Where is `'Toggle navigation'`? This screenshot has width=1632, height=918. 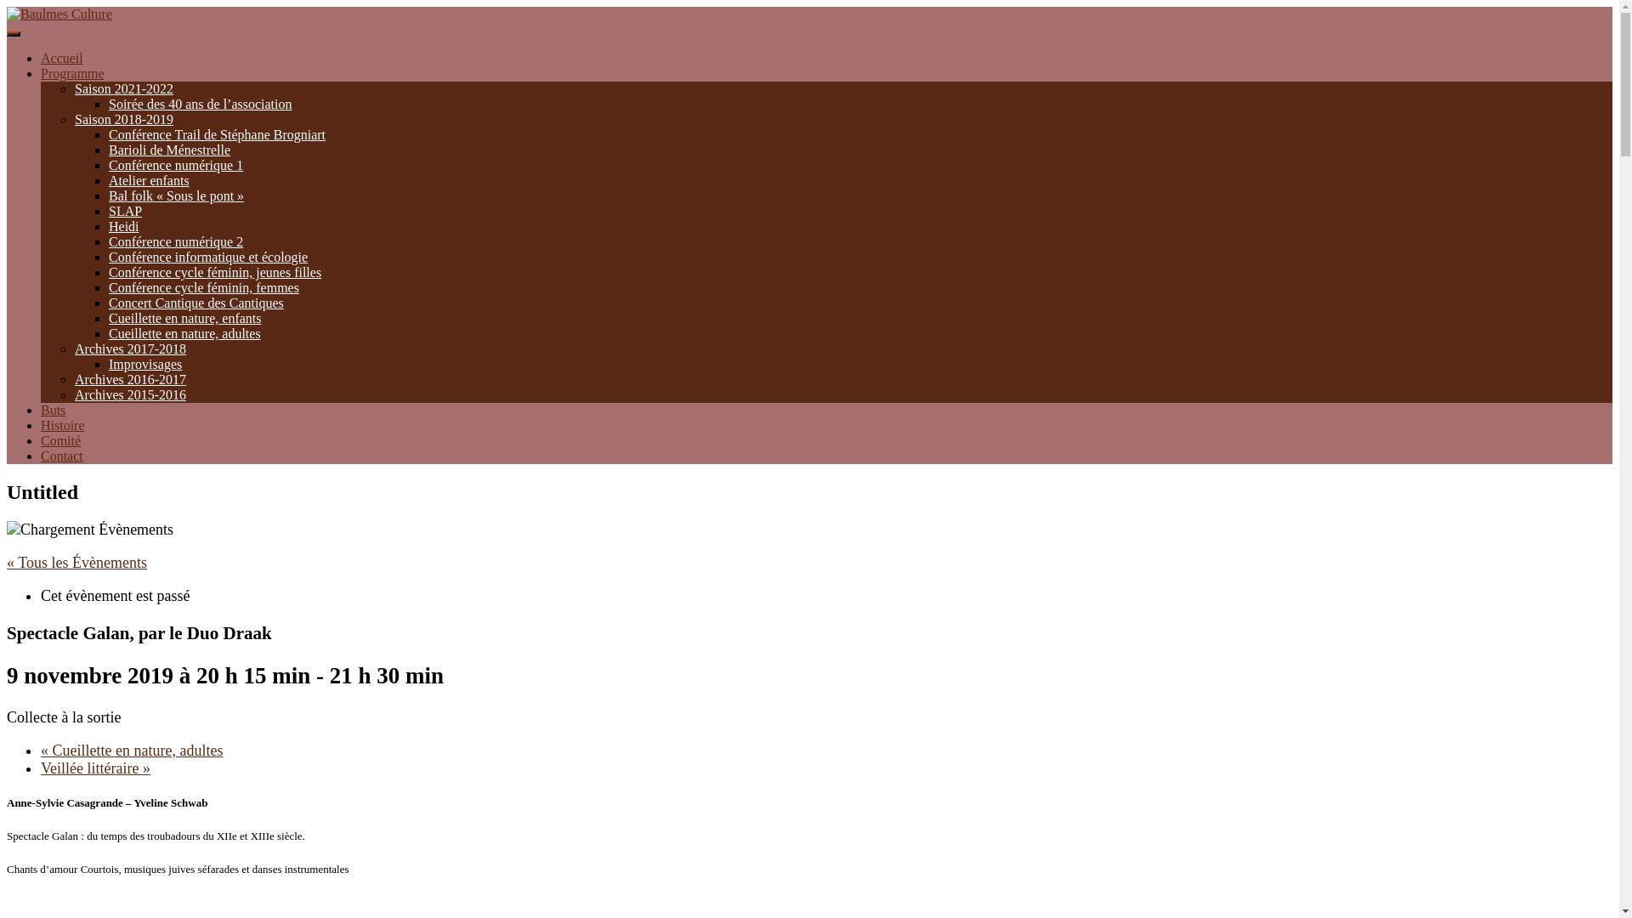 'Toggle navigation' is located at coordinates (13, 33).